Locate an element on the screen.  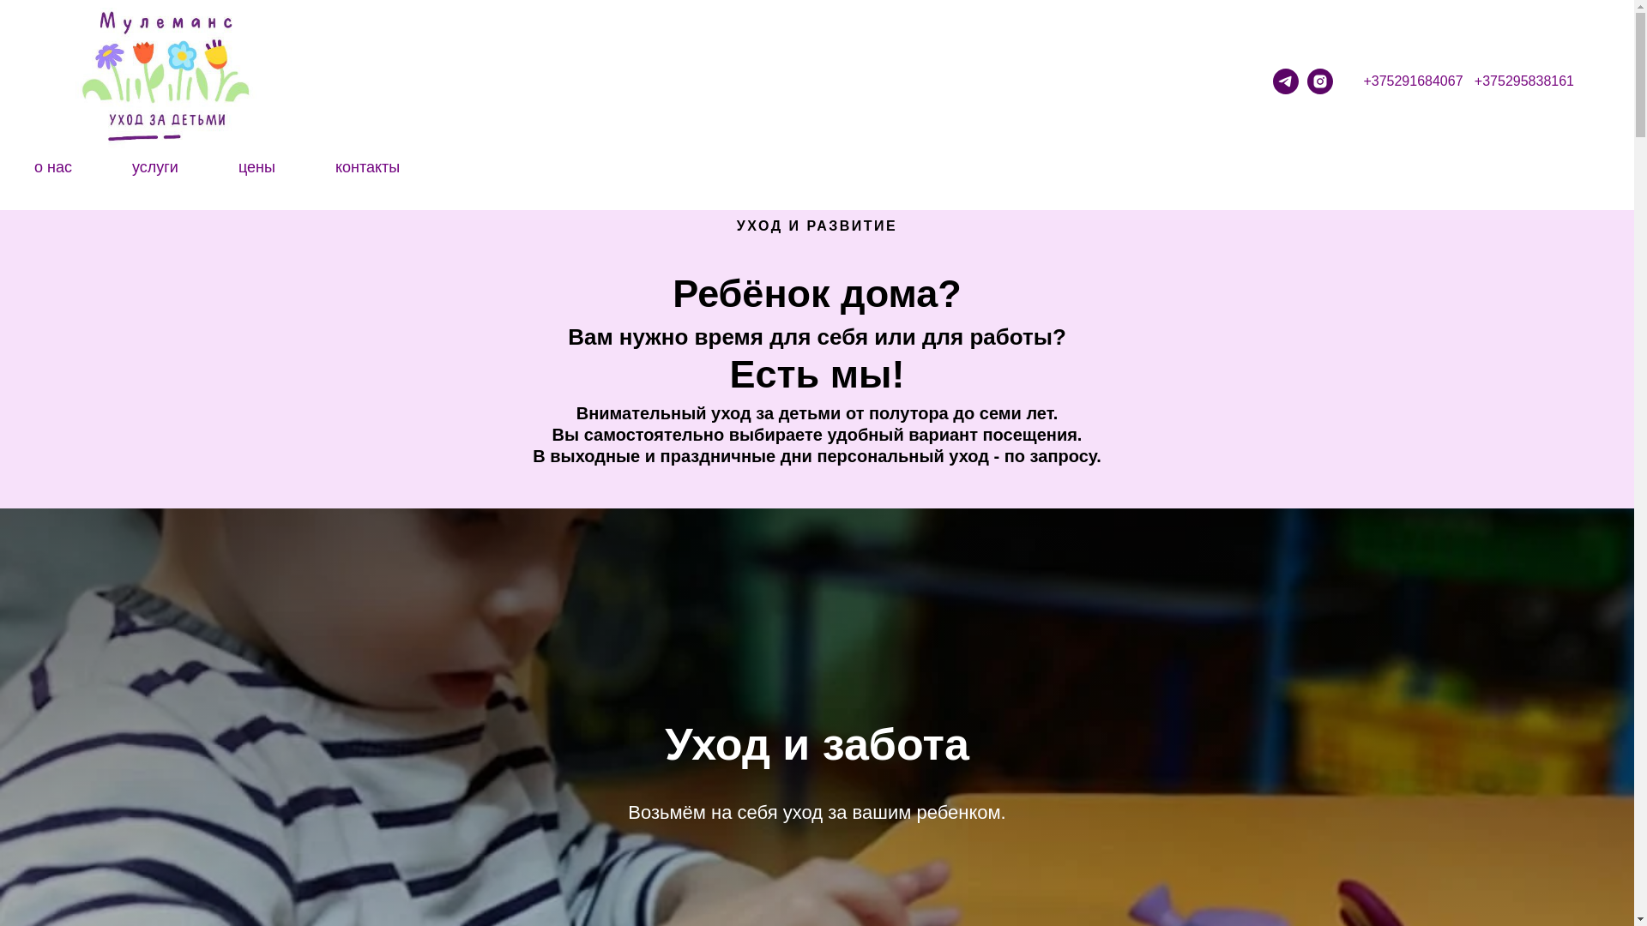
'https://t.me/DetskoeOblako' is located at coordinates (1285, 81).